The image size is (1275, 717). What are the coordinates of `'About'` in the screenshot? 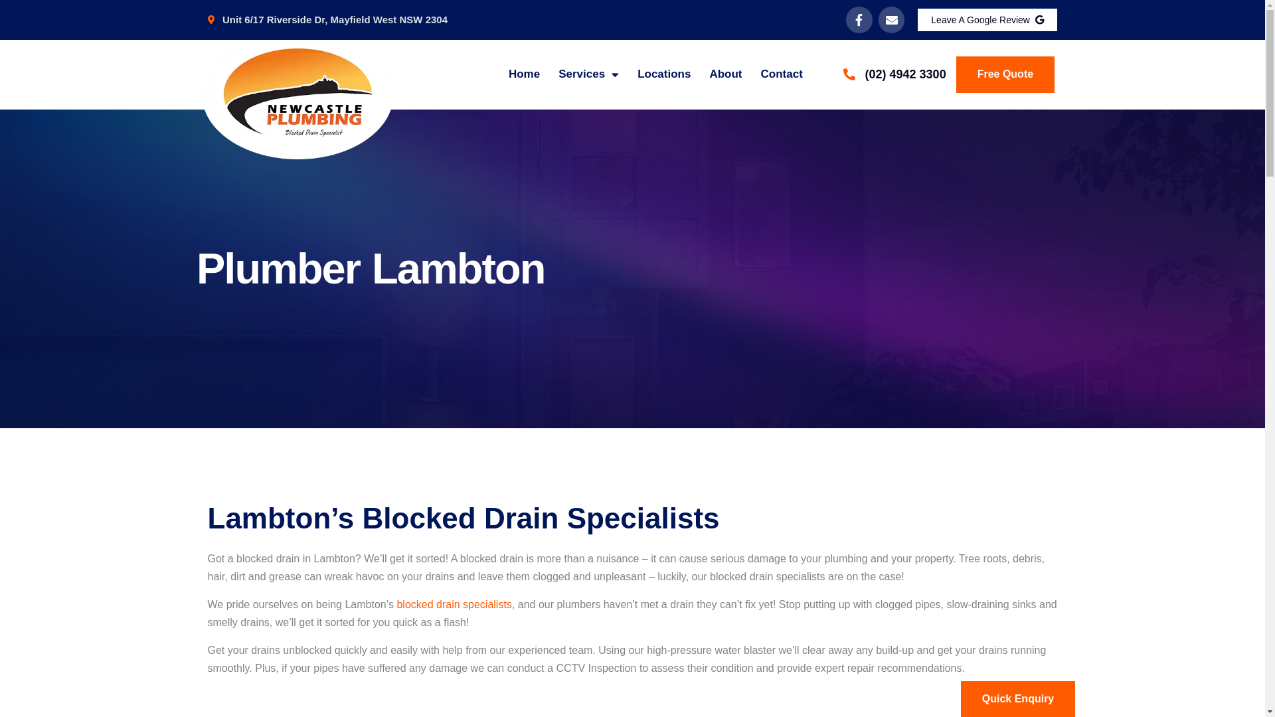 It's located at (724, 74).